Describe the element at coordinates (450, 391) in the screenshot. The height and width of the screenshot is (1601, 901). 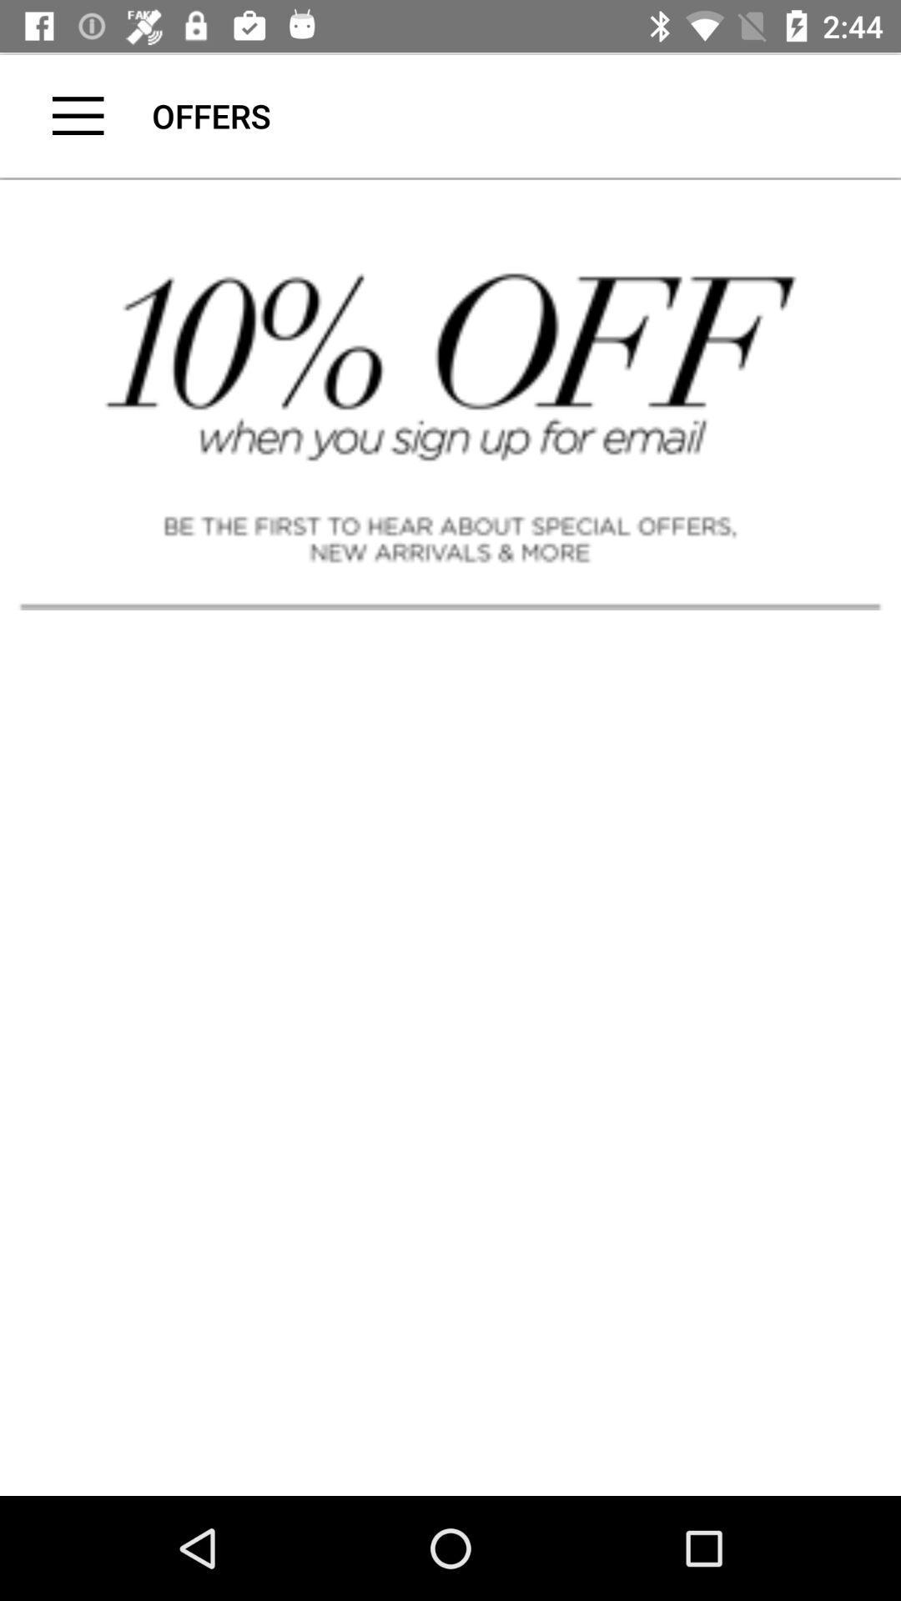
I see `advertisement` at that location.